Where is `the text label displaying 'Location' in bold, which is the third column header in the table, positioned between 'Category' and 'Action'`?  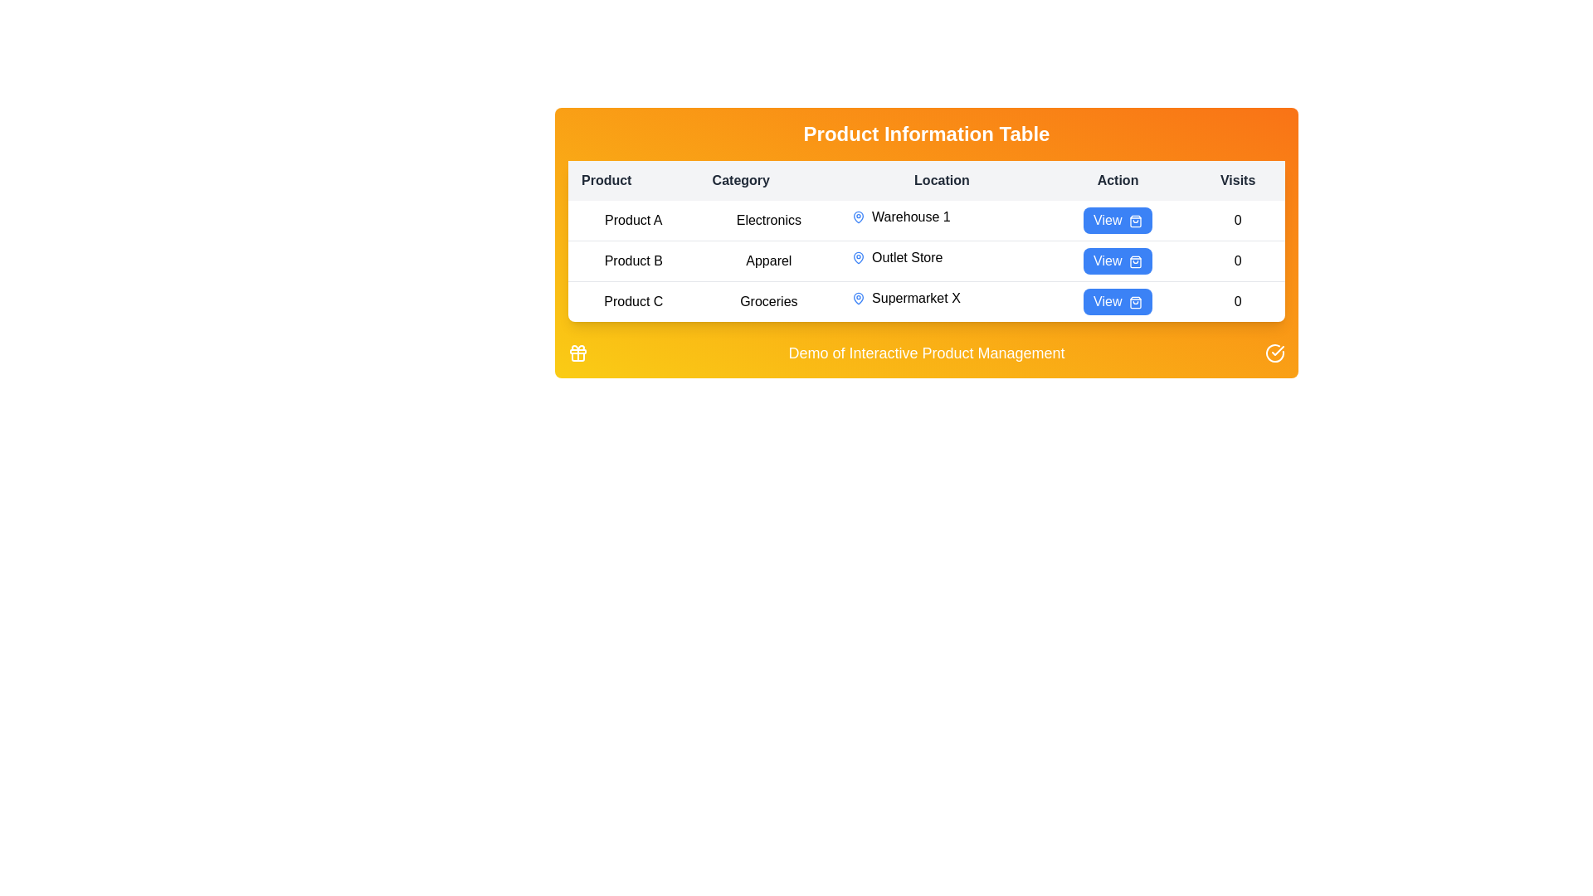
the text label displaying 'Location' in bold, which is the third column header in the table, positioned between 'Category' and 'Action' is located at coordinates (942, 181).